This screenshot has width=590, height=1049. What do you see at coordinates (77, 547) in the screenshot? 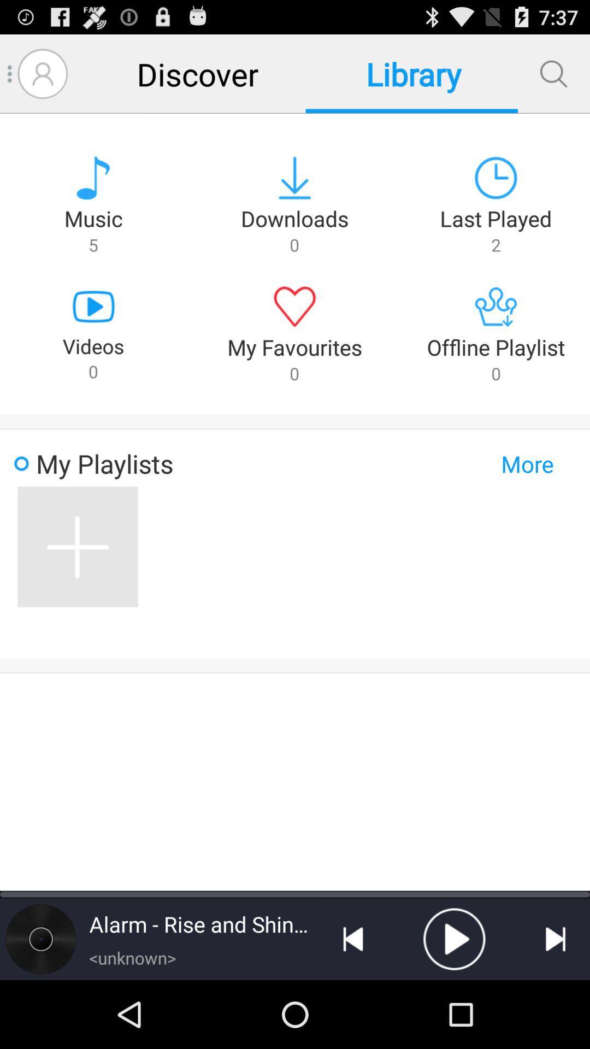
I see `item next to the more button` at bounding box center [77, 547].